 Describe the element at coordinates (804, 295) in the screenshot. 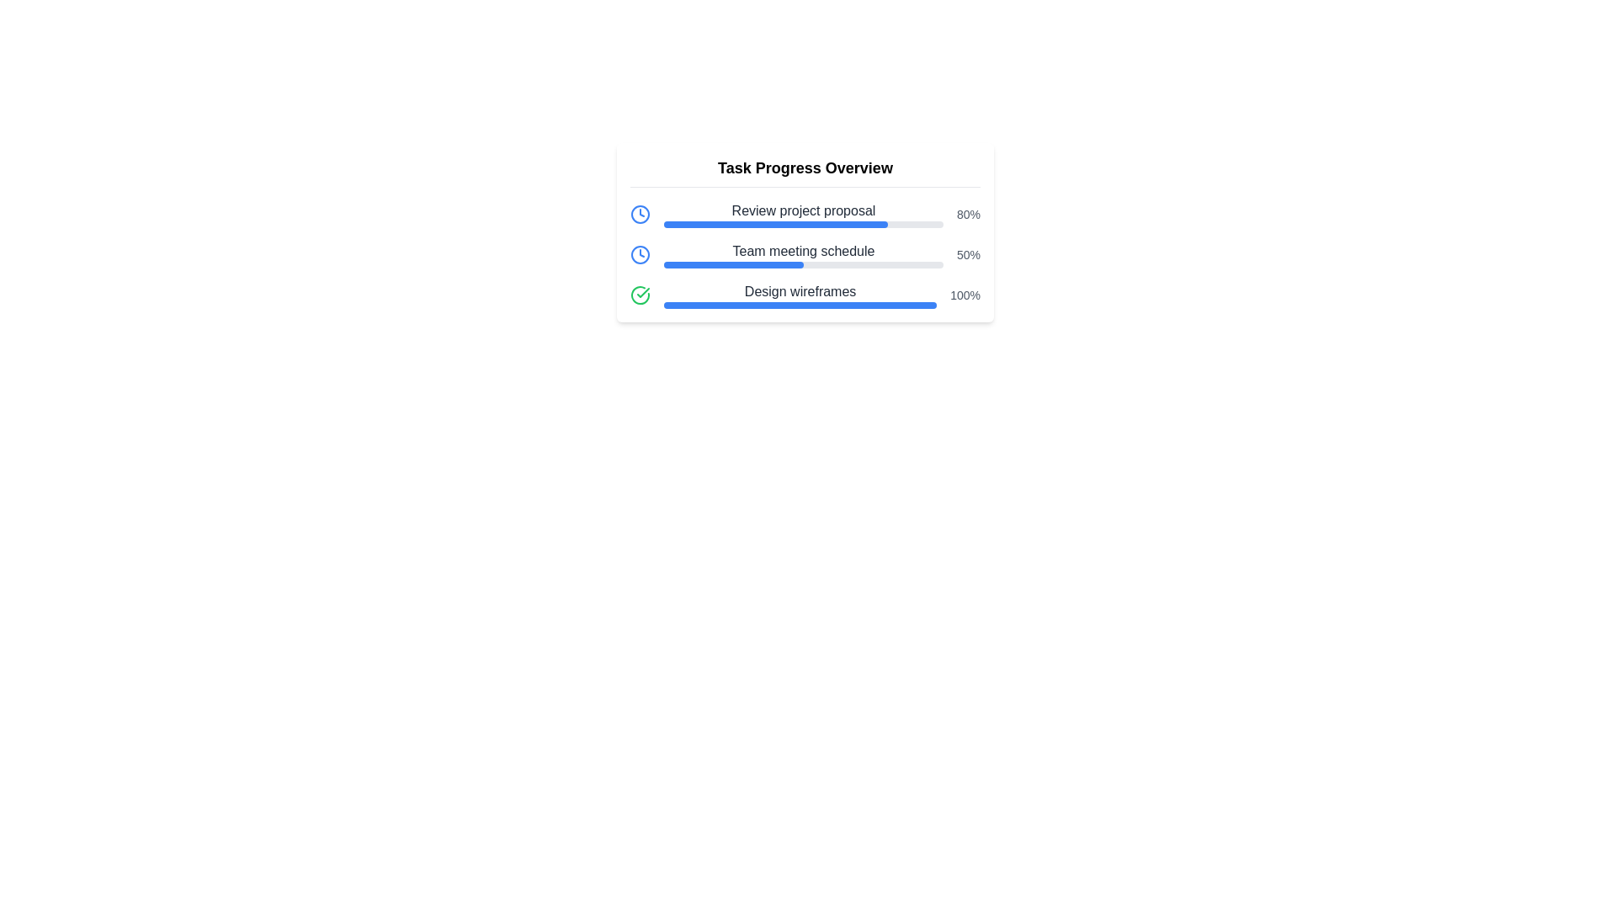

I see `the Task progress item with a green icon and the text 'Design wireframes' that shows '100%' completion in the Task Progress Overview list` at that location.